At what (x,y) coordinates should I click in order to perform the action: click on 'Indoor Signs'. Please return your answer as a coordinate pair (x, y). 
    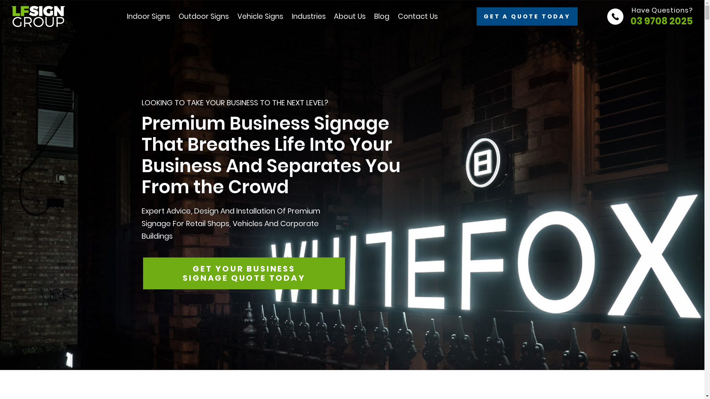
    Looking at the image, I should click on (148, 17).